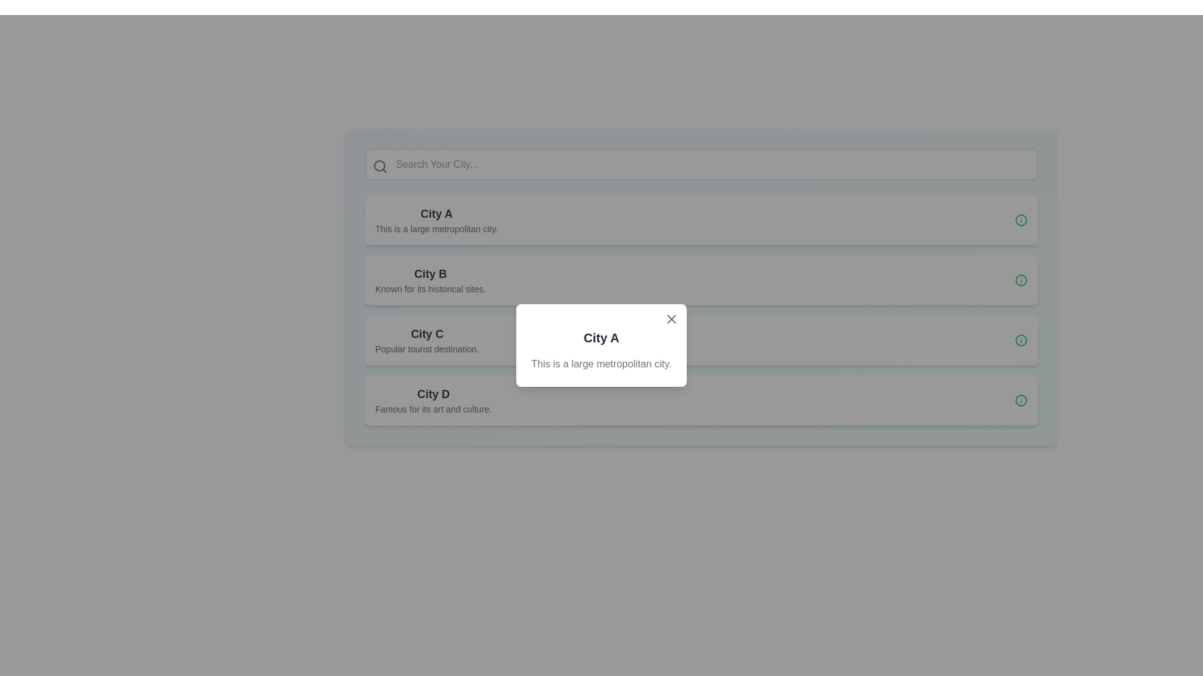 The height and width of the screenshot is (676, 1203). Describe the element at coordinates (430, 289) in the screenshot. I see `the static text that reads 'Known for its historical sites.', which is positioned beneath the title 'City B' in the list of city entries` at that location.